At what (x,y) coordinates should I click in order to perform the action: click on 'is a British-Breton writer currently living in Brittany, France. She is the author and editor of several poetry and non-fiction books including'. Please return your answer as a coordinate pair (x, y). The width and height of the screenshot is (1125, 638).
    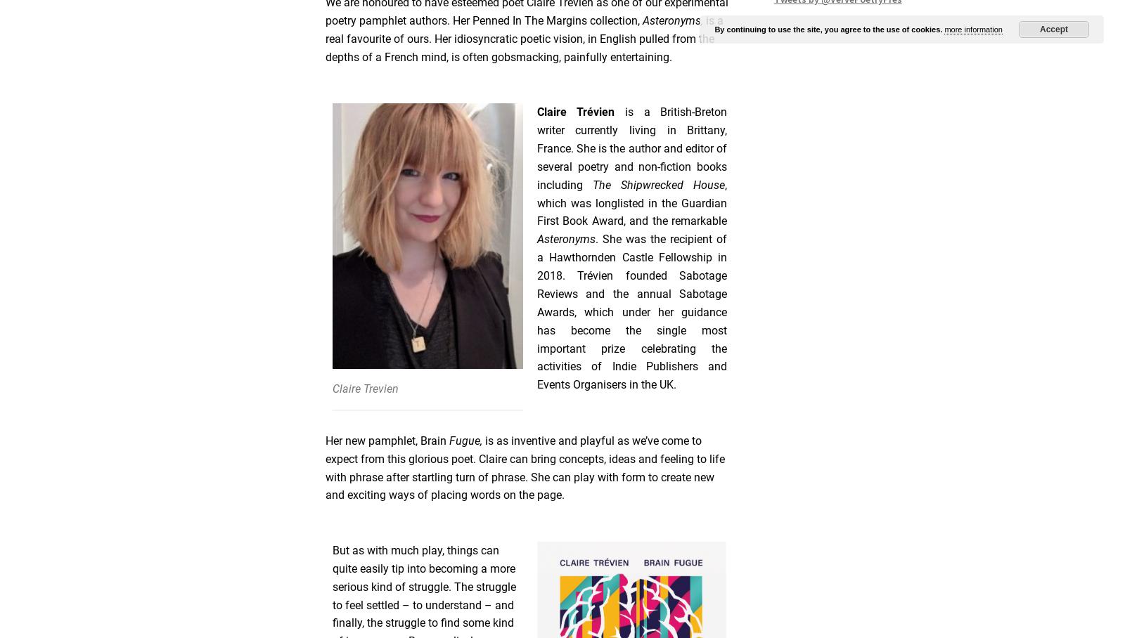
    Looking at the image, I should click on (536, 148).